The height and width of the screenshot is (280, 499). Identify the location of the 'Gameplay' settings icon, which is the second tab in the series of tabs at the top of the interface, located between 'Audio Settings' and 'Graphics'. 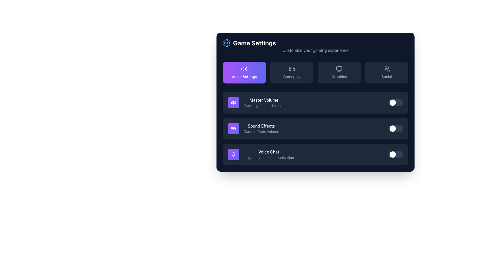
(292, 69).